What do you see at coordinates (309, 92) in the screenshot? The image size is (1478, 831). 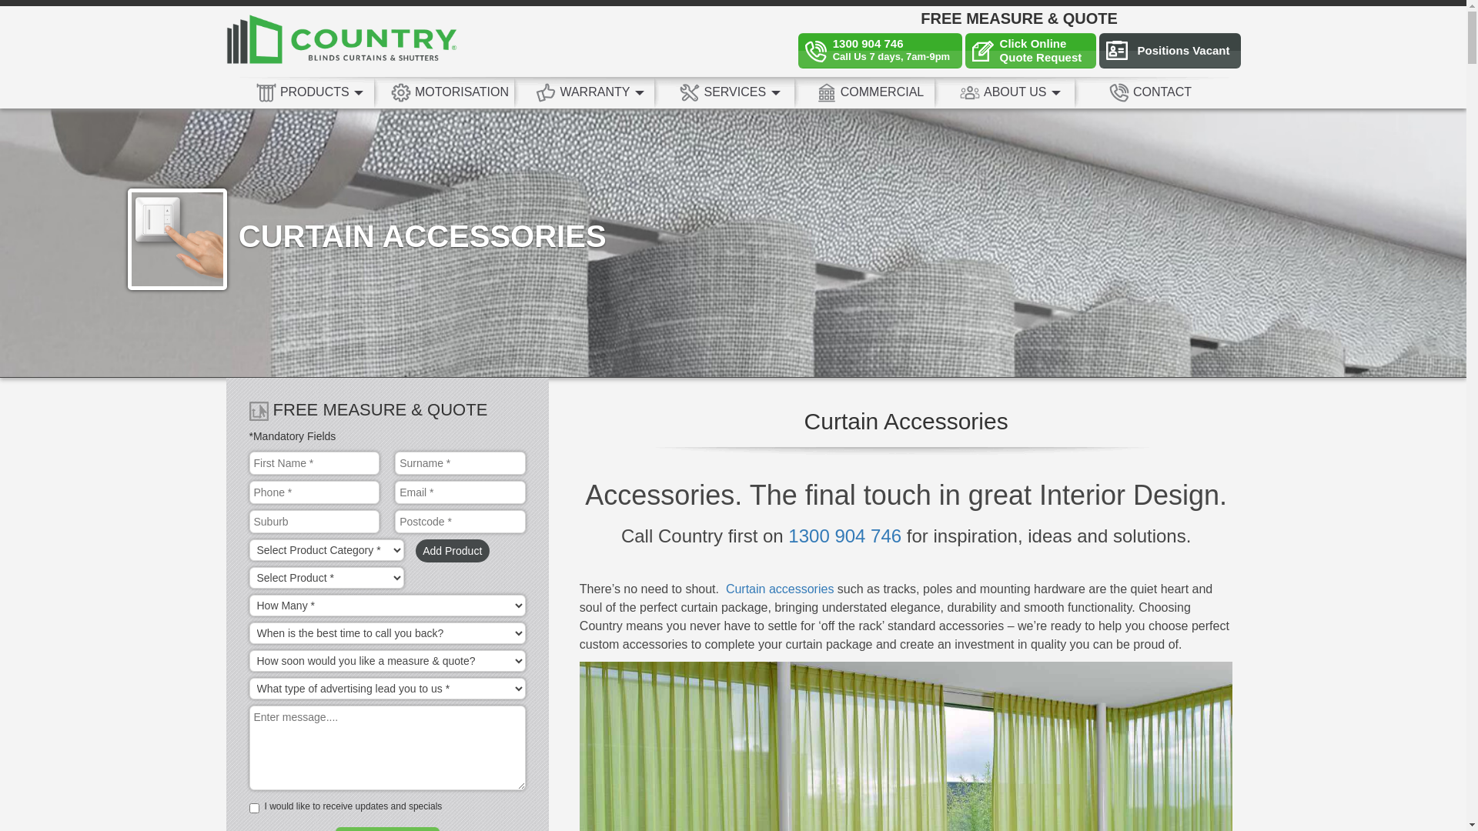 I see `'PRODUCTS'` at bounding box center [309, 92].